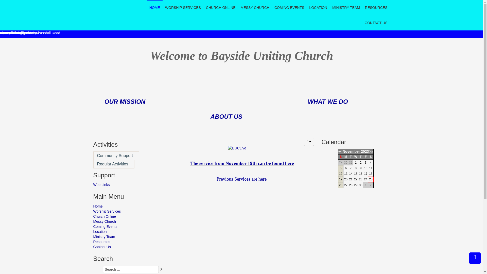 Image resolution: width=487 pixels, height=274 pixels. What do you see at coordinates (289, 8) in the screenshot?
I see `'COMING EVENTS'` at bounding box center [289, 8].